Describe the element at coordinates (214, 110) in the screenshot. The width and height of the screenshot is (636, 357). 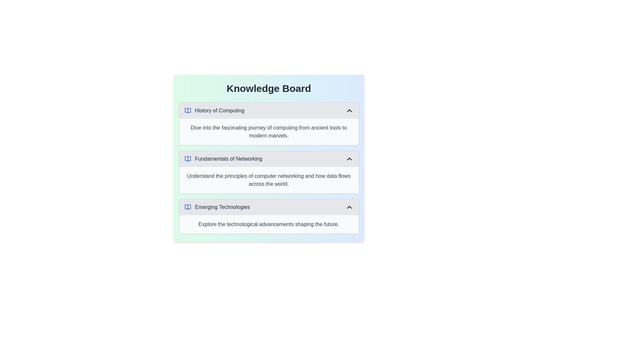
I see `the 'History of Computing' label with a blue book icon` at that location.